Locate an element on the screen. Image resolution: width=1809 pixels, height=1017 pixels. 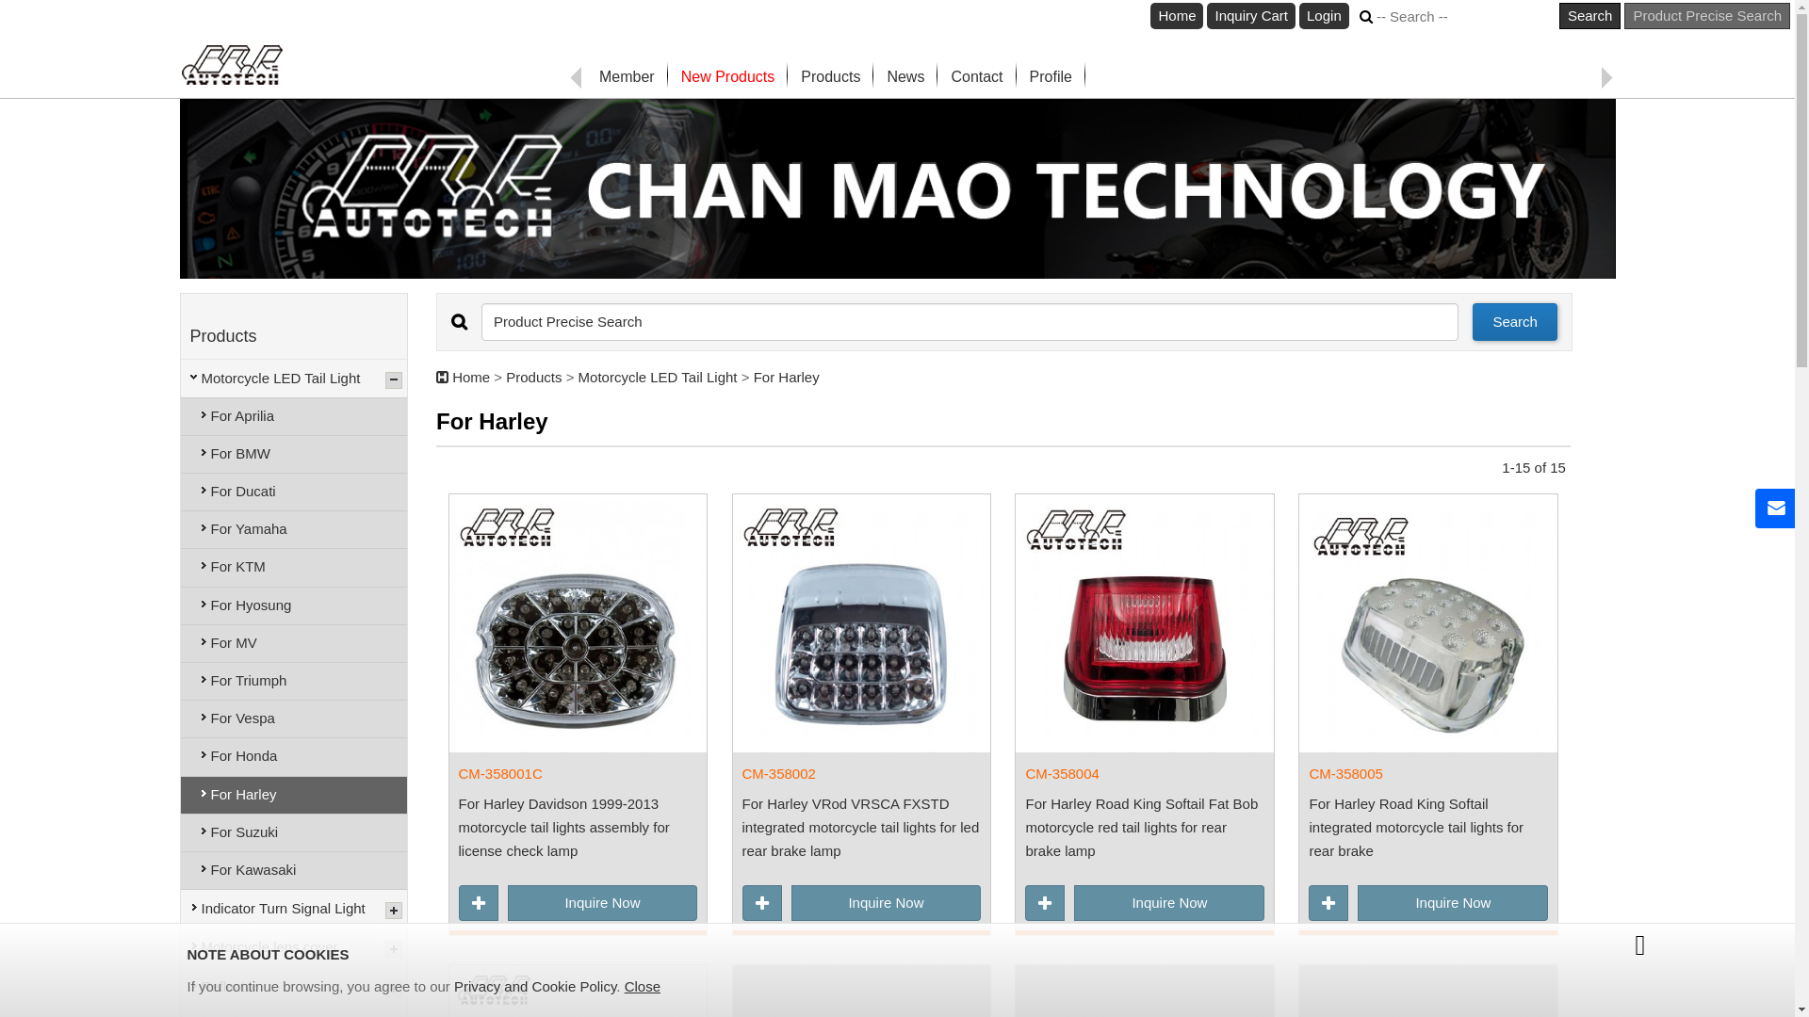
'News' is located at coordinates (904, 75).